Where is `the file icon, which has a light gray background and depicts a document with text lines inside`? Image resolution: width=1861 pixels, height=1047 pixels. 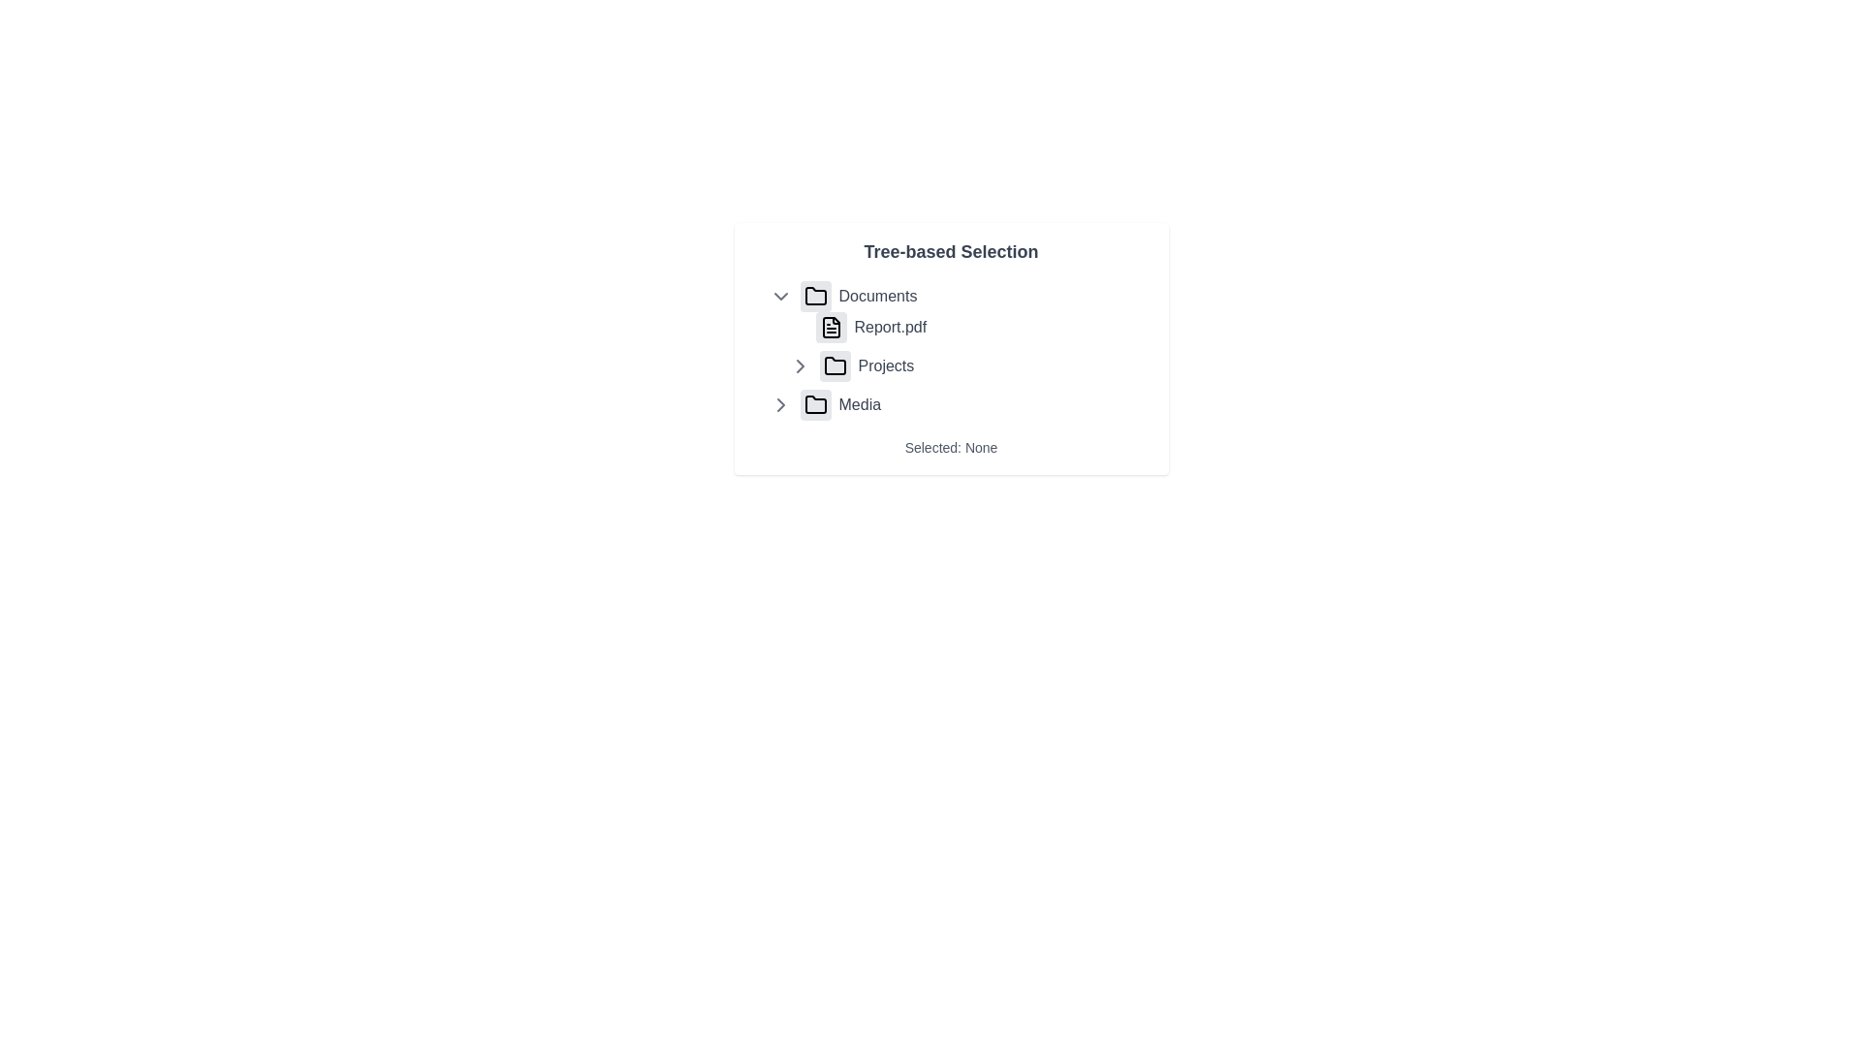
the file icon, which has a light gray background and depicts a document with text lines inside is located at coordinates (831, 327).